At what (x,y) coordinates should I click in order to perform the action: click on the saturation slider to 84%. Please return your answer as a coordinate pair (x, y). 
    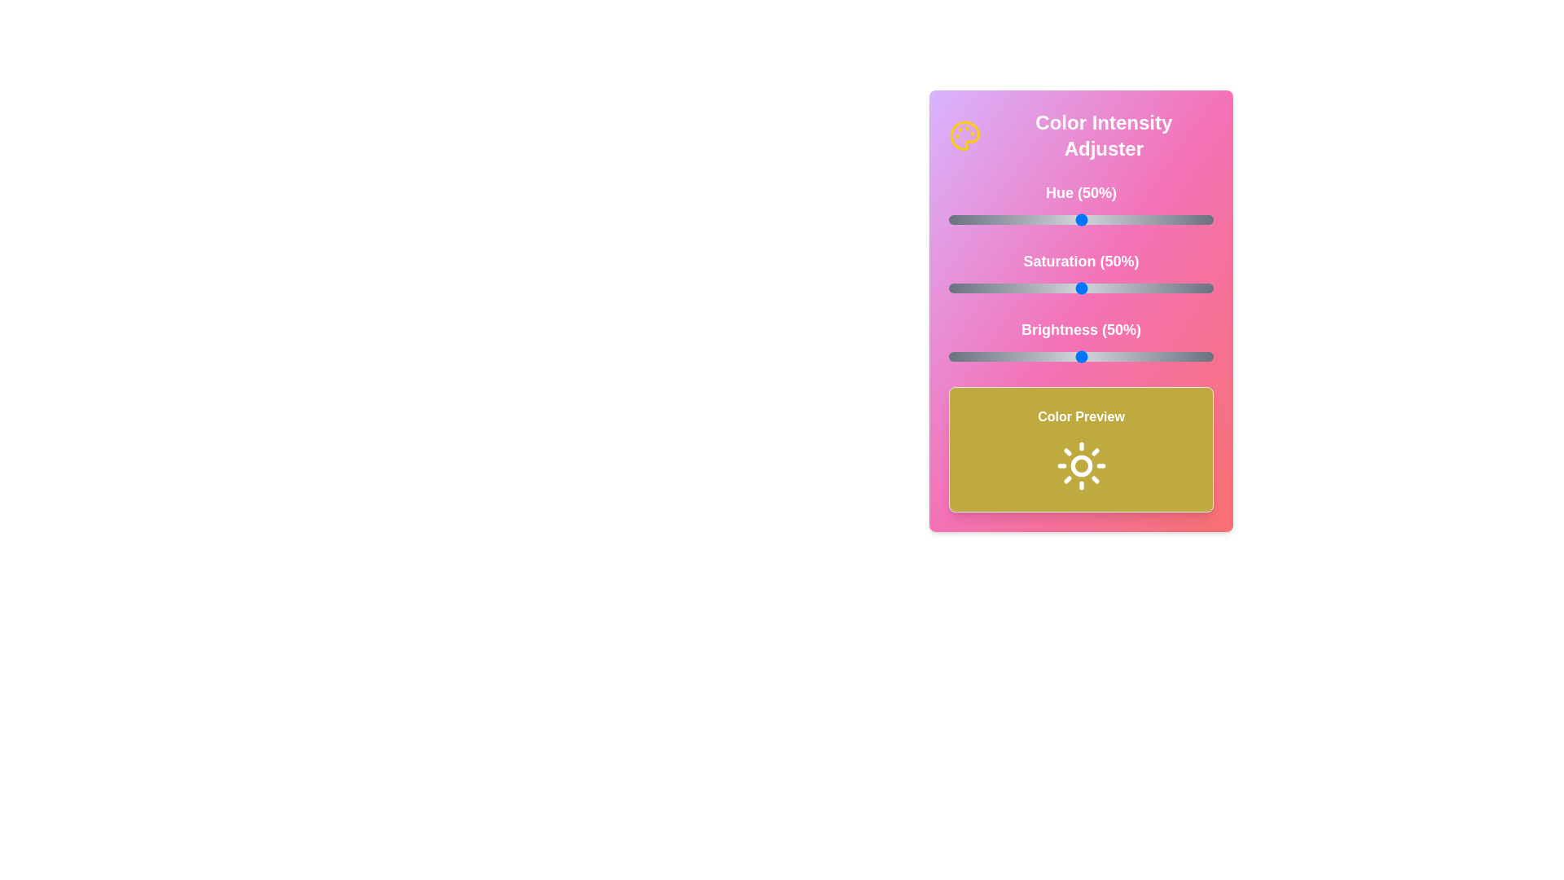
    Looking at the image, I should click on (1171, 288).